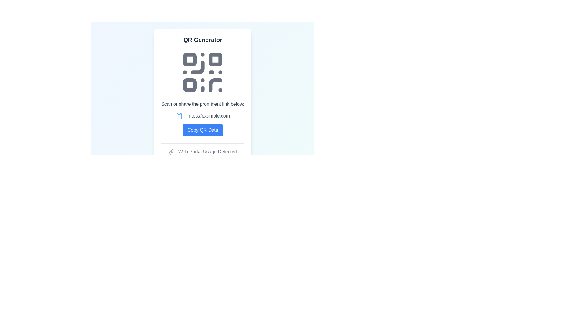 This screenshot has width=568, height=319. What do you see at coordinates (179, 116) in the screenshot?
I see `the clipboard icon with a pale blue color, positioned to the left of the URL text ('https://example.com')` at bounding box center [179, 116].